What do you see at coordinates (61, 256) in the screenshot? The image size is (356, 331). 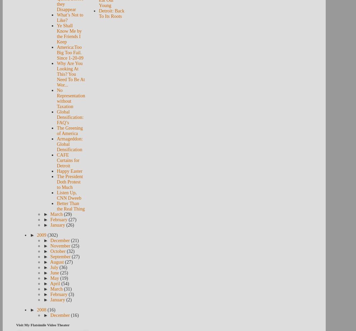 I see `'September'` at bounding box center [61, 256].